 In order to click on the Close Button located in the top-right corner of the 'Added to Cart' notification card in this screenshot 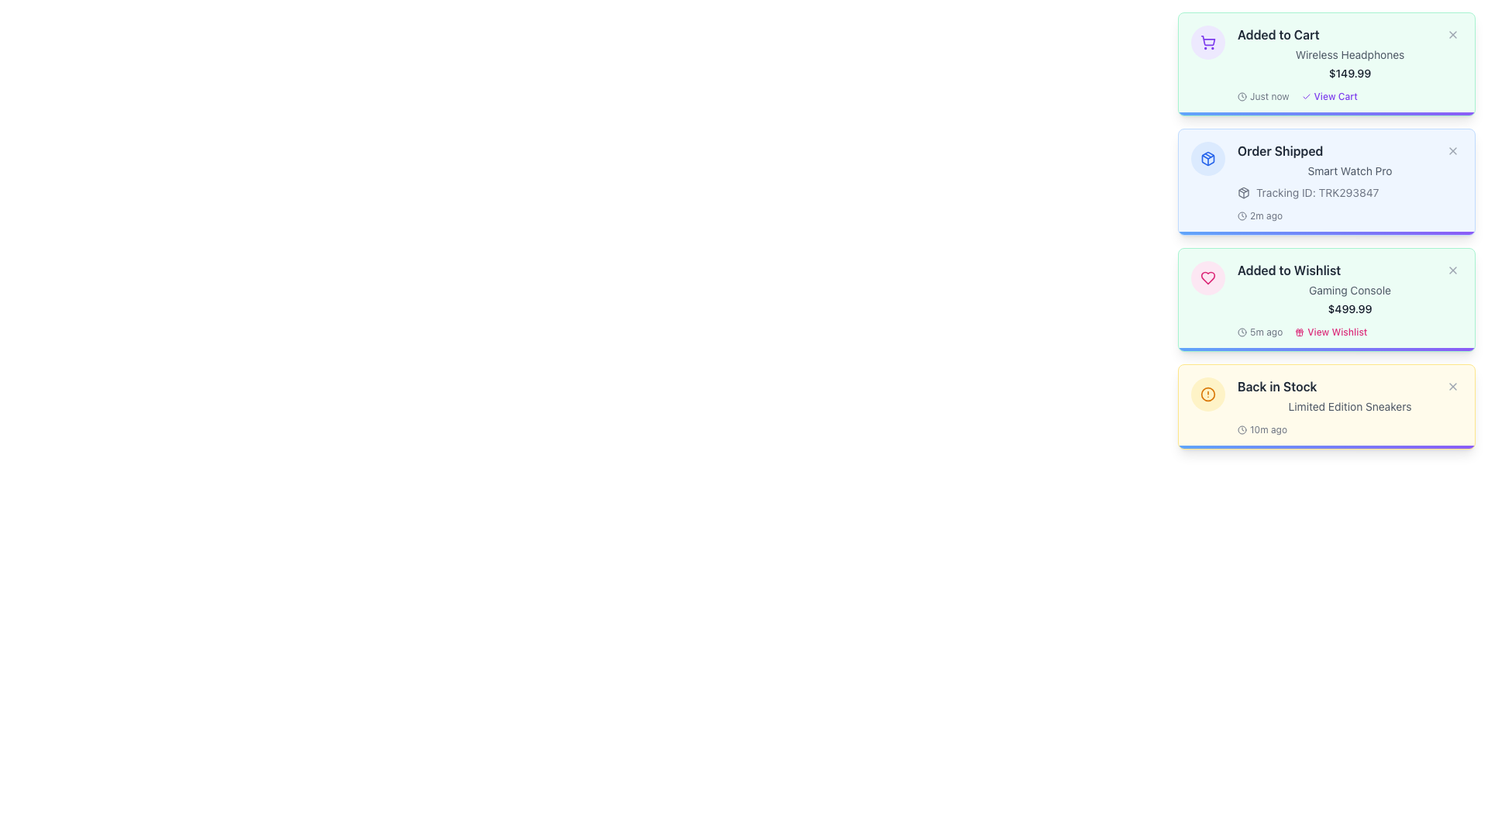, I will do `click(1452, 35)`.